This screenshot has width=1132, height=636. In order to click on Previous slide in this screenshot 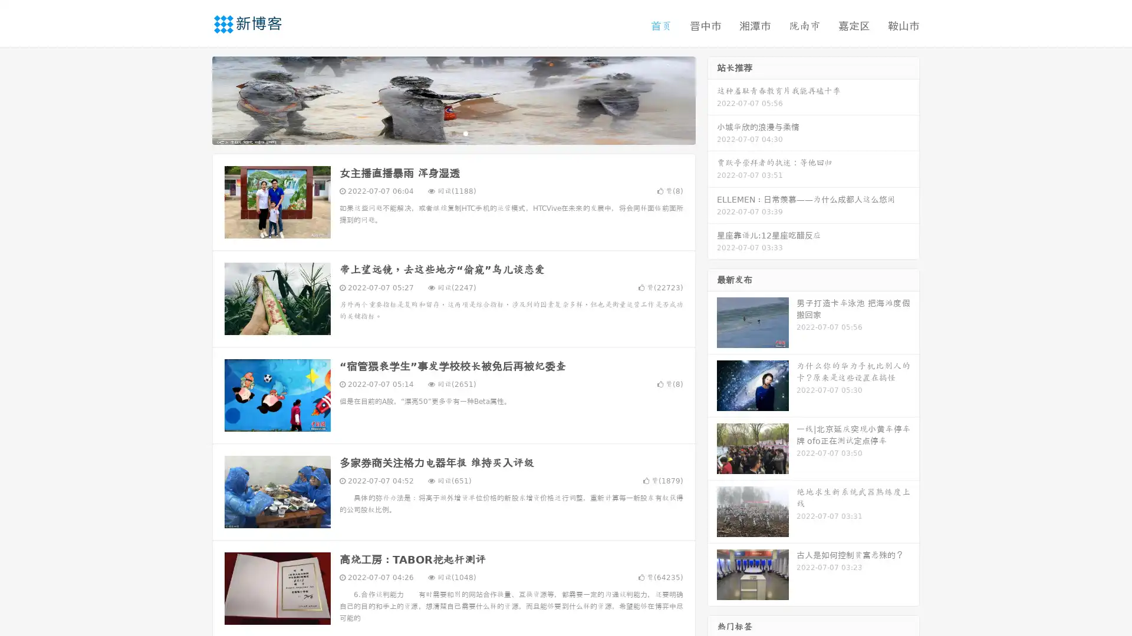, I will do `click(195, 99)`.